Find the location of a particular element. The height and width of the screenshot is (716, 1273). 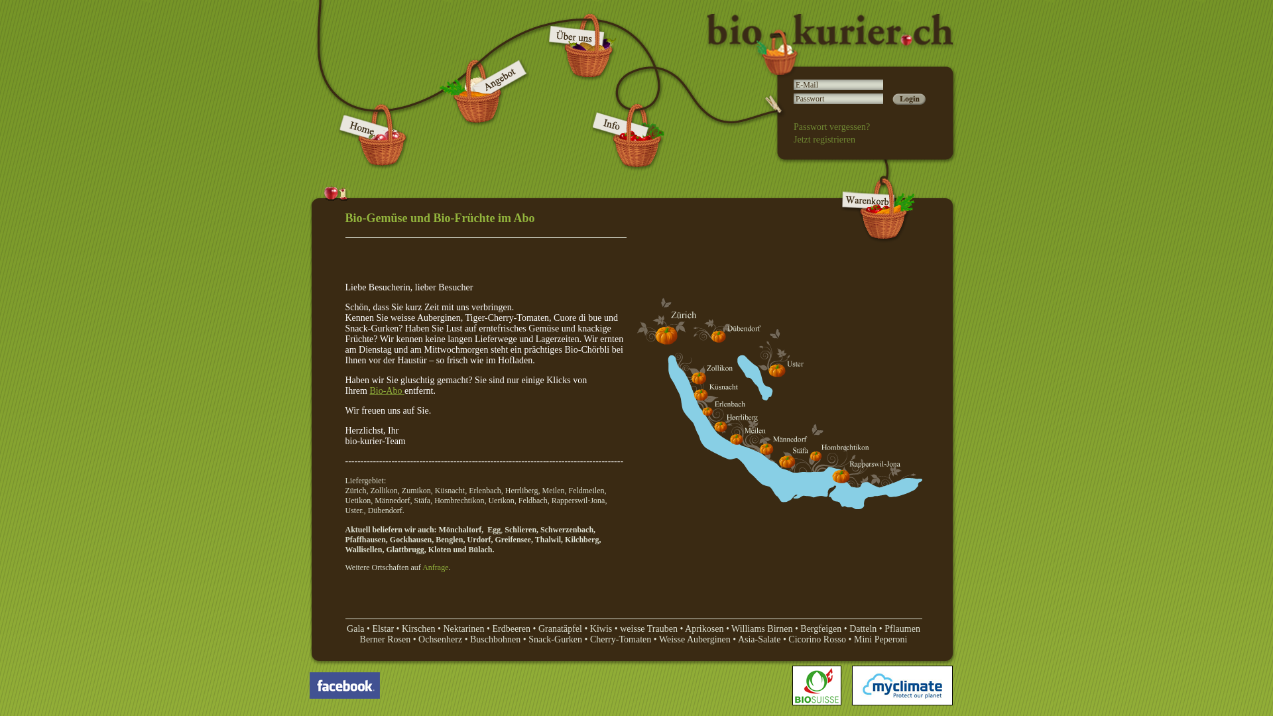

'Login' is located at coordinates (908, 98).